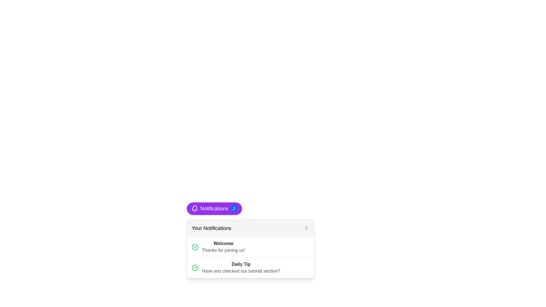  Describe the element at coordinates (195, 246) in the screenshot. I see `the circular green outlined checkmark icon located adjacent to the 'Daily Tip' text in the middle-right portion of the notification panel` at that location.